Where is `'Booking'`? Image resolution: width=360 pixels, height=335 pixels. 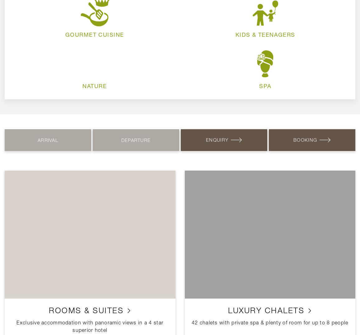 'Booking' is located at coordinates (305, 139).